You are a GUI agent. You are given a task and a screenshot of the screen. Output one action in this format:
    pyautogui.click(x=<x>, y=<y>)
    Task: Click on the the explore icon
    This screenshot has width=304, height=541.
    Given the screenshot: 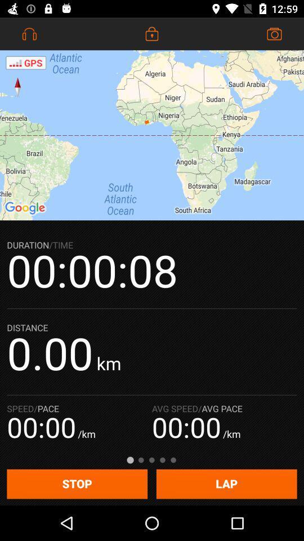 What is the action you would take?
    pyautogui.click(x=17, y=86)
    